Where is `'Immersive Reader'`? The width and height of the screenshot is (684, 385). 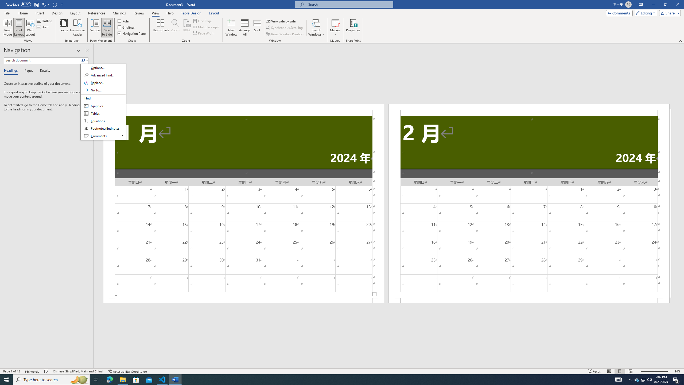
'Immersive Reader' is located at coordinates (77, 28).